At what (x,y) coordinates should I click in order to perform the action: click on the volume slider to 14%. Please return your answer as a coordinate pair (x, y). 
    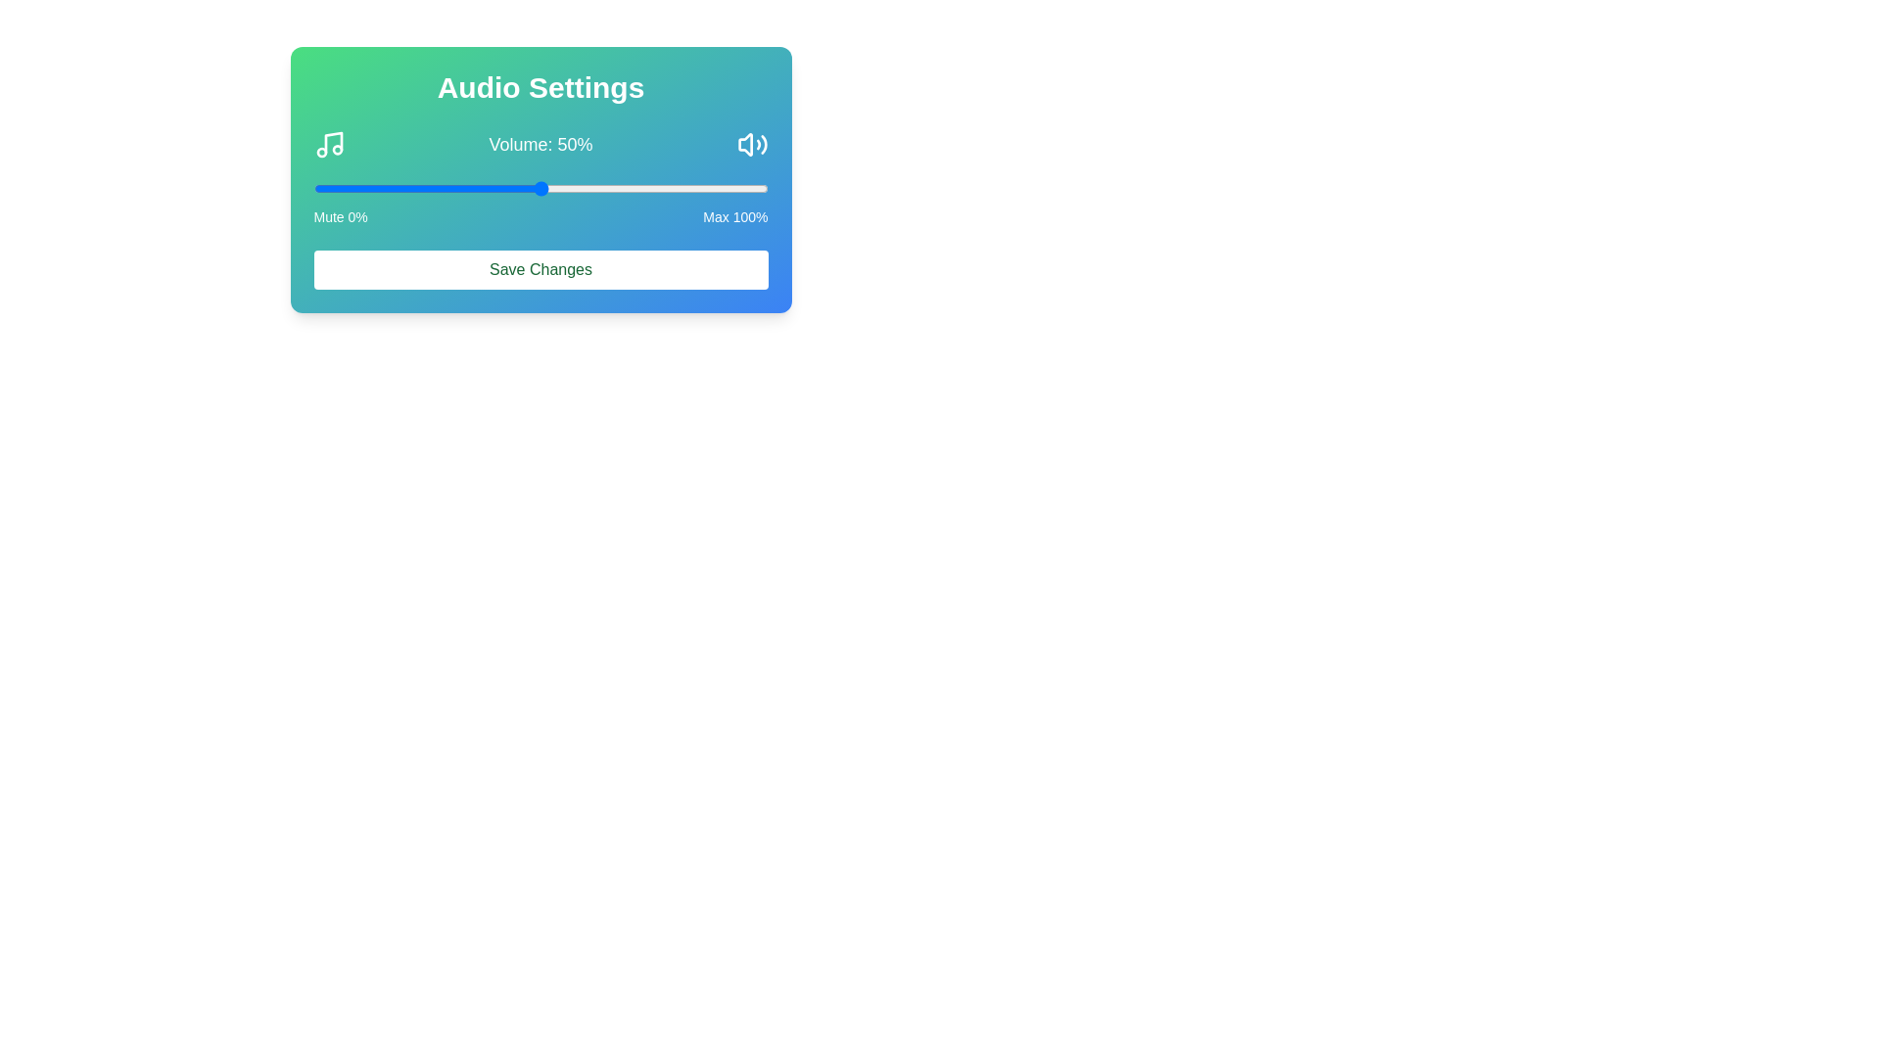
    Looking at the image, I should click on (377, 188).